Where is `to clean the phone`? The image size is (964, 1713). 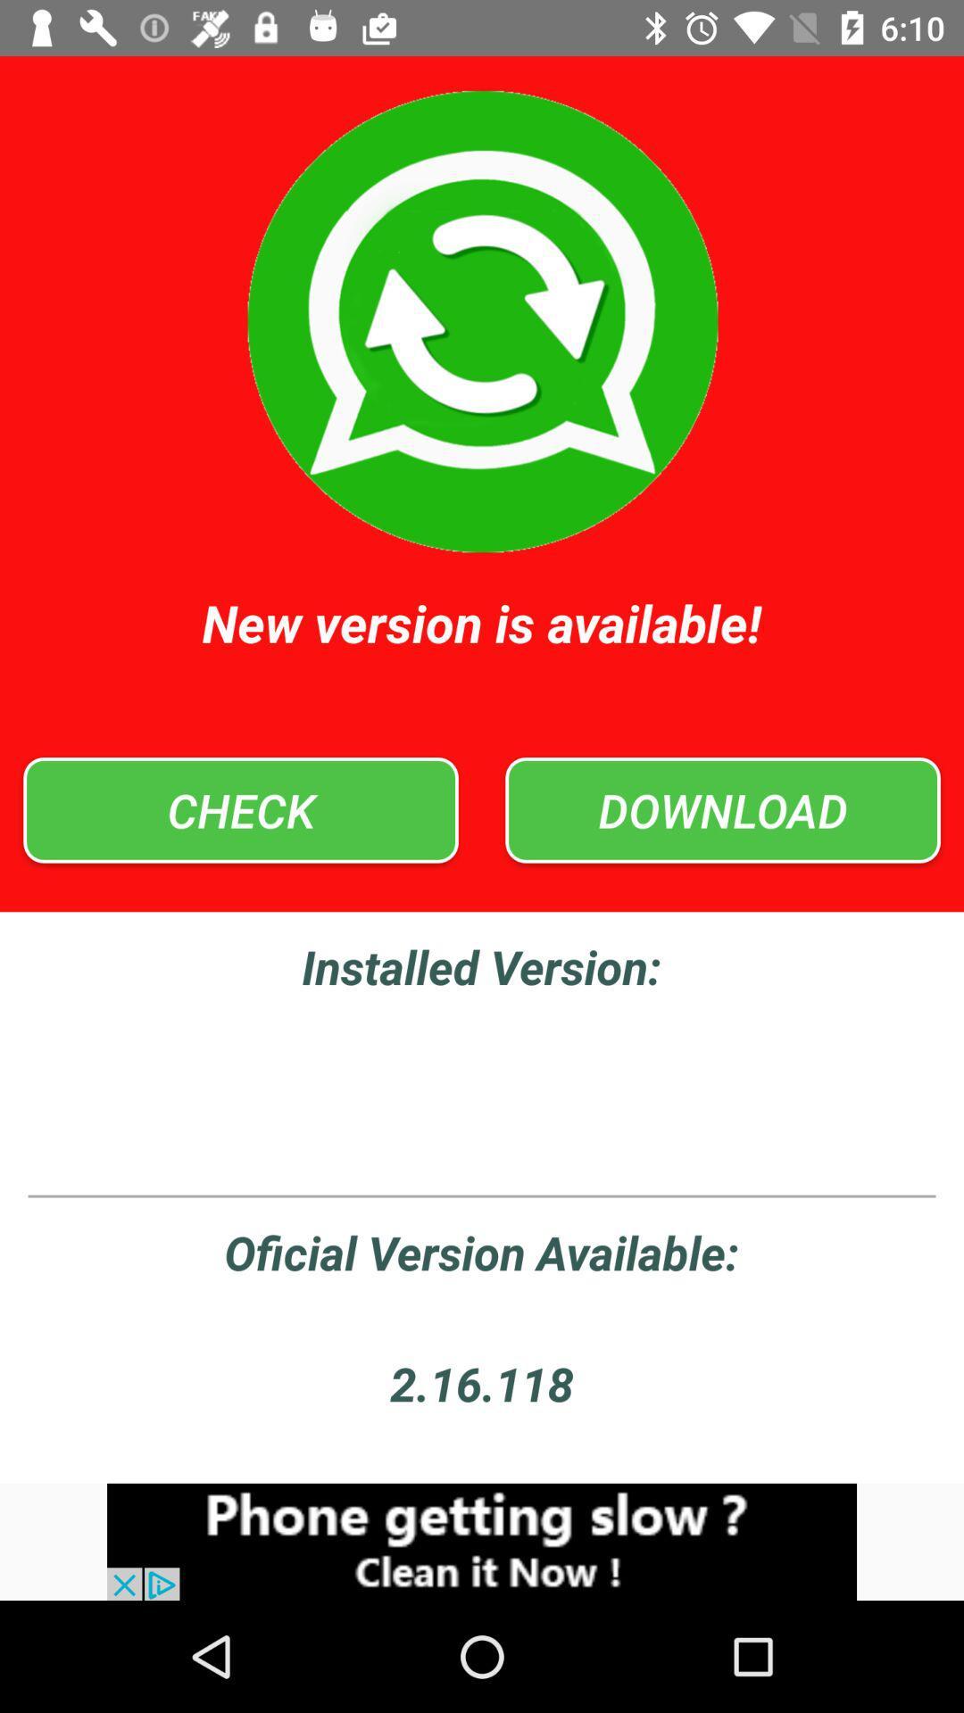
to clean the phone is located at coordinates (482, 1541).